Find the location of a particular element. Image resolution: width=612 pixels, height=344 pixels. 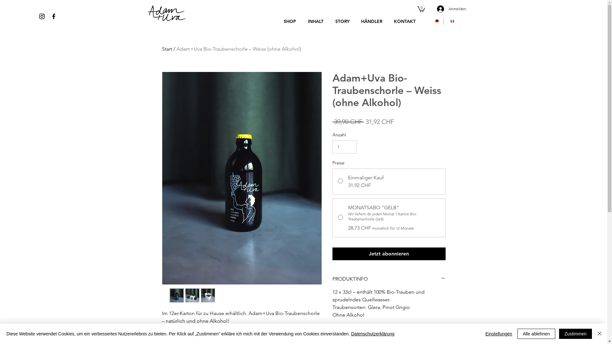

'SHOP' is located at coordinates (288, 21).